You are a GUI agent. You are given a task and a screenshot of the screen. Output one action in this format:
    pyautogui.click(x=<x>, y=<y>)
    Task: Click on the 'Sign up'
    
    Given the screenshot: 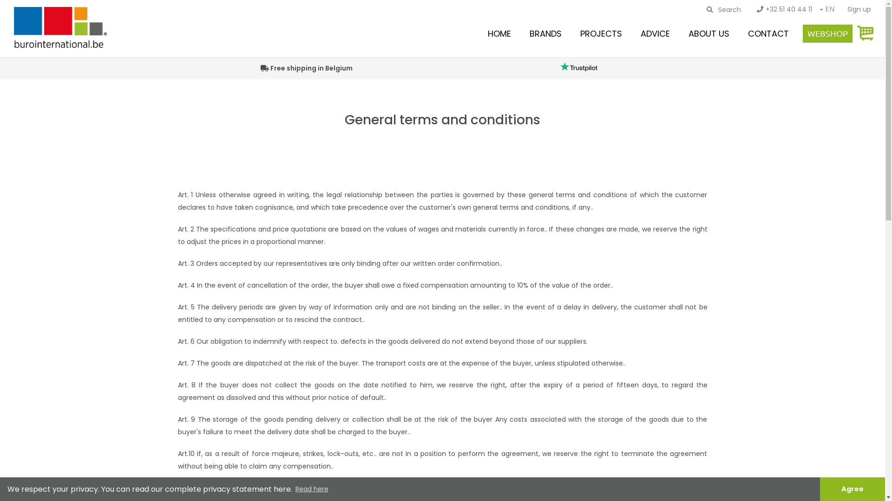 What is the action you would take?
    pyautogui.click(x=859, y=9)
    